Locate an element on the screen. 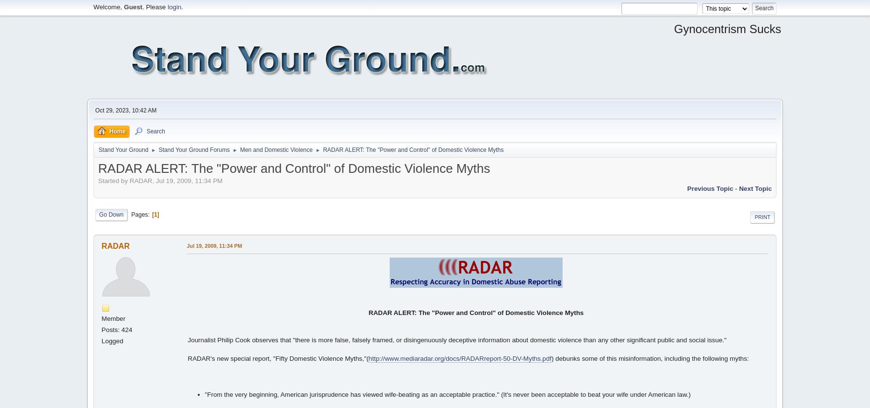  '"From the very beginning, American jurisprudence has viewed wife-beating as an acceptable practice." (It's never been acceptable to beat your wife under American law.)' is located at coordinates (447, 394).